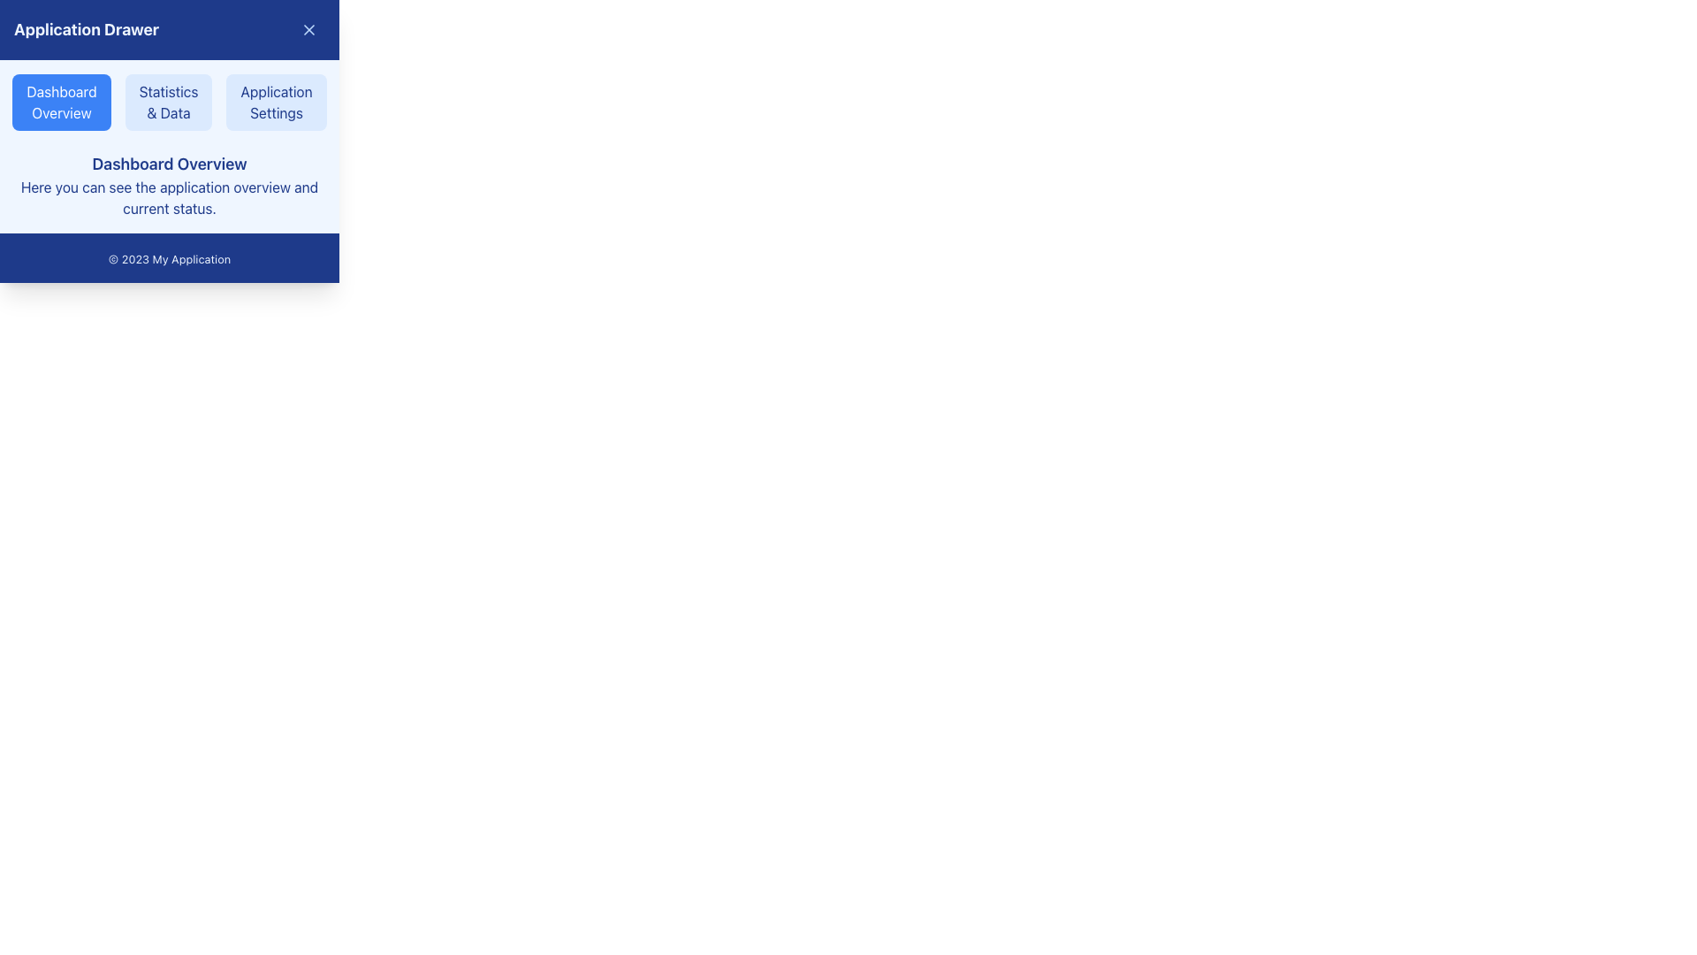 The image size is (1697, 955). Describe the element at coordinates (170, 185) in the screenshot. I see `the informational text block located below the navigation options in the main content section of the application drawer` at that location.